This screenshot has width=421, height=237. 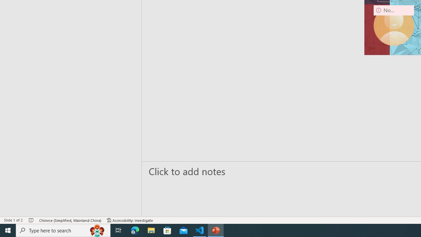 I want to click on 'Microsoft Edge', so click(x=135, y=230).